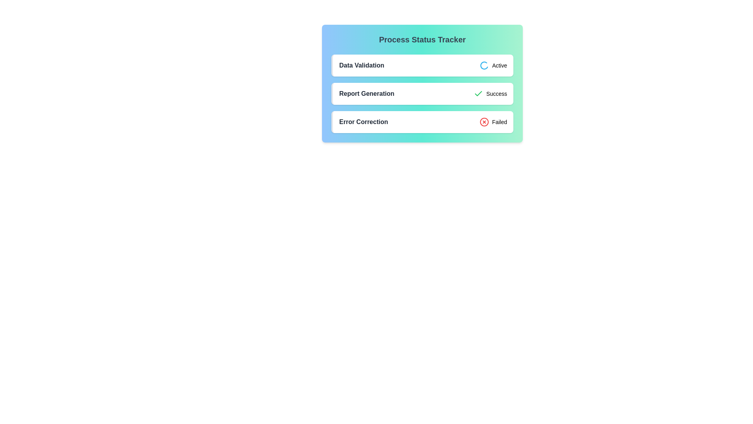 Image resolution: width=753 pixels, height=424 pixels. I want to click on the visual indicator on the 'Data Validation' Card element, which features a rotating blue circular loading icon in the center, so click(422, 65).